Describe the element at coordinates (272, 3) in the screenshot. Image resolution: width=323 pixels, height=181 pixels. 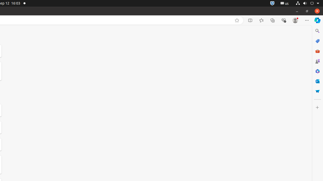
I see `':1.72/StatusNotifierItem'` at that location.